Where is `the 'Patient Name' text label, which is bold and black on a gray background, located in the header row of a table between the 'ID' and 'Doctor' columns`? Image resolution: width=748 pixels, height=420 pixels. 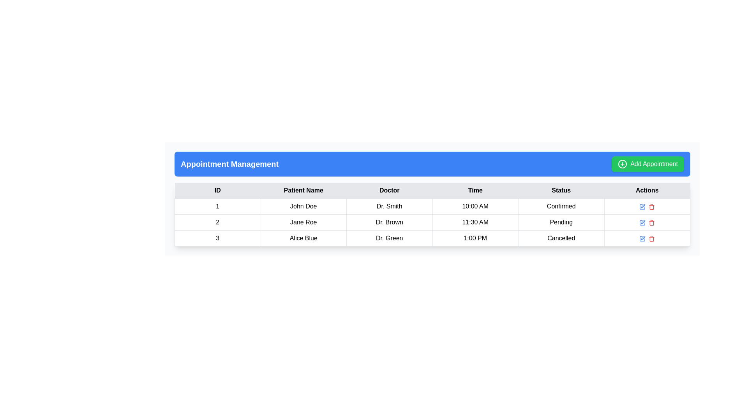
the 'Patient Name' text label, which is bold and black on a gray background, located in the header row of a table between the 'ID' and 'Doctor' columns is located at coordinates (303, 191).